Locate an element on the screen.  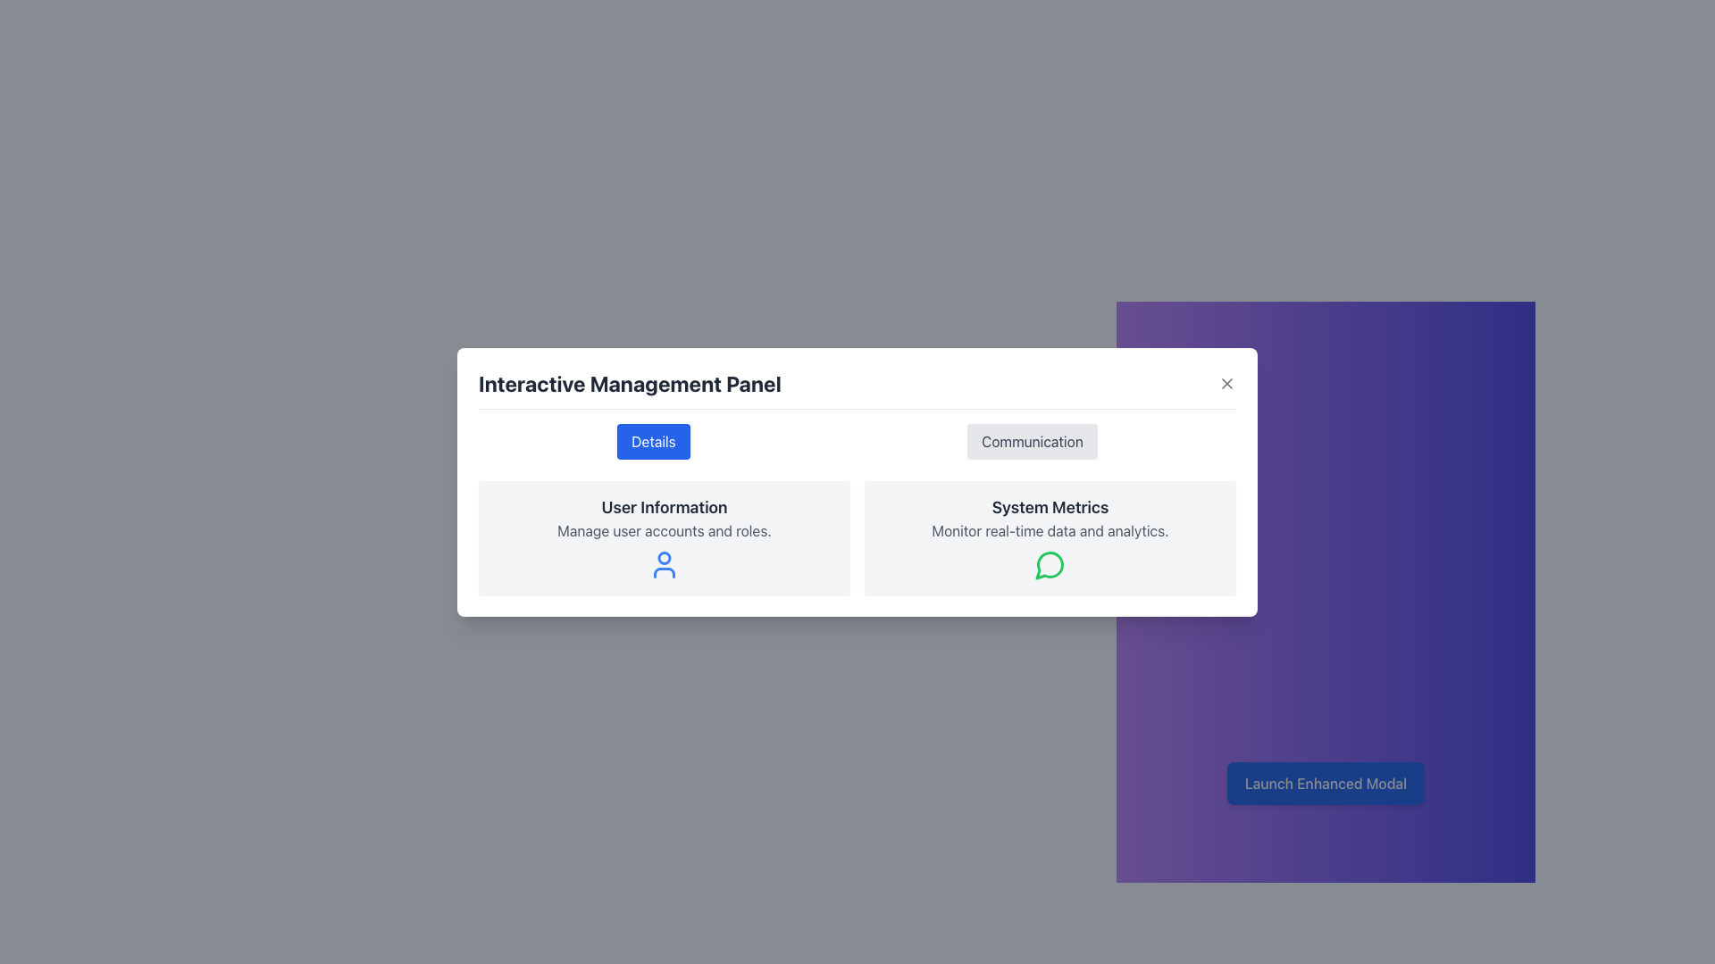
the blue rounded button labeled 'Details' is located at coordinates (652, 441).